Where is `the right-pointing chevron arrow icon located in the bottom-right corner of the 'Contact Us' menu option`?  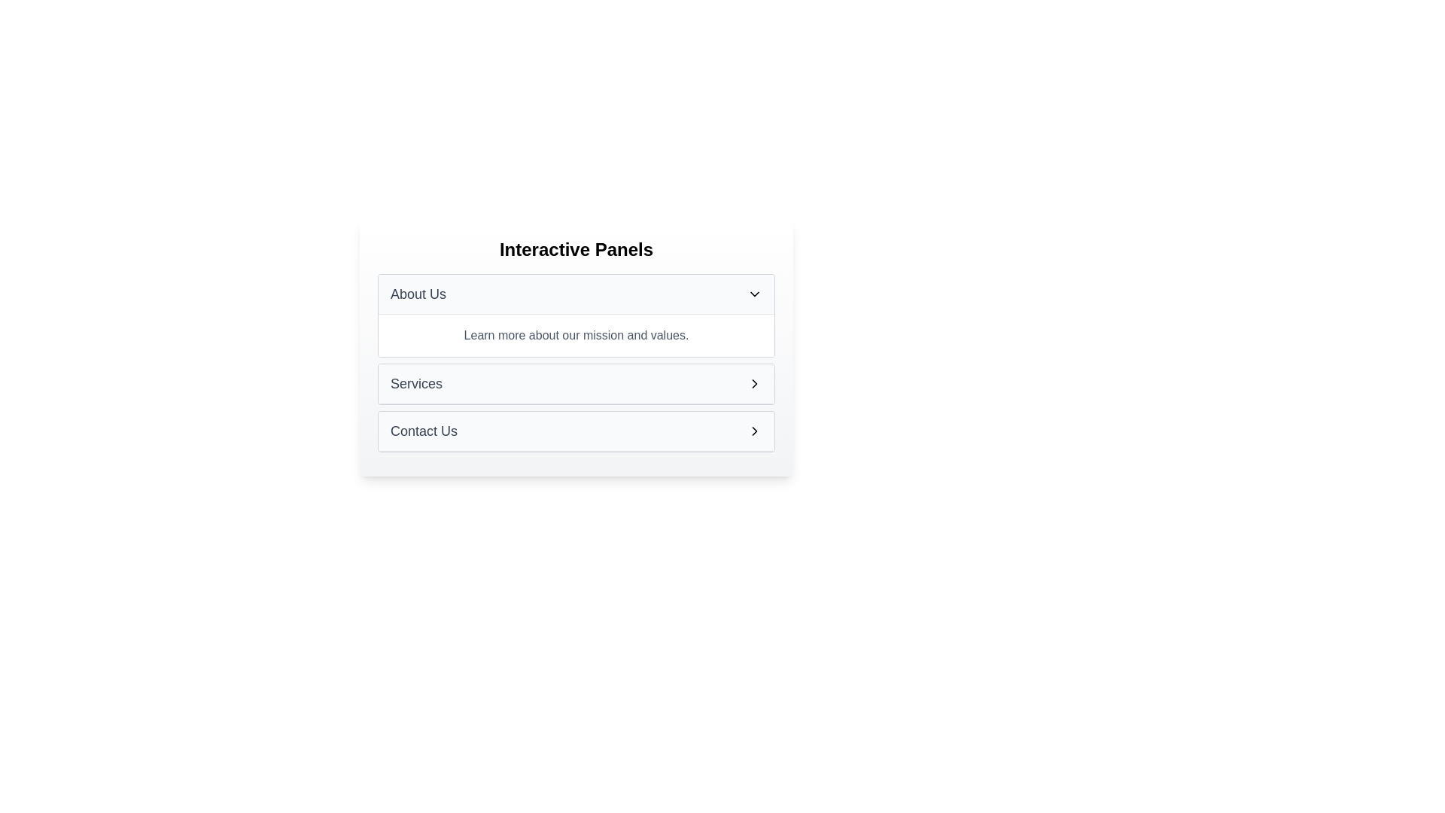 the right-pointing chevron arrow icon located in the bottom-right corner of the 'Contact Us' menu option is located at coordinates (755, 431).